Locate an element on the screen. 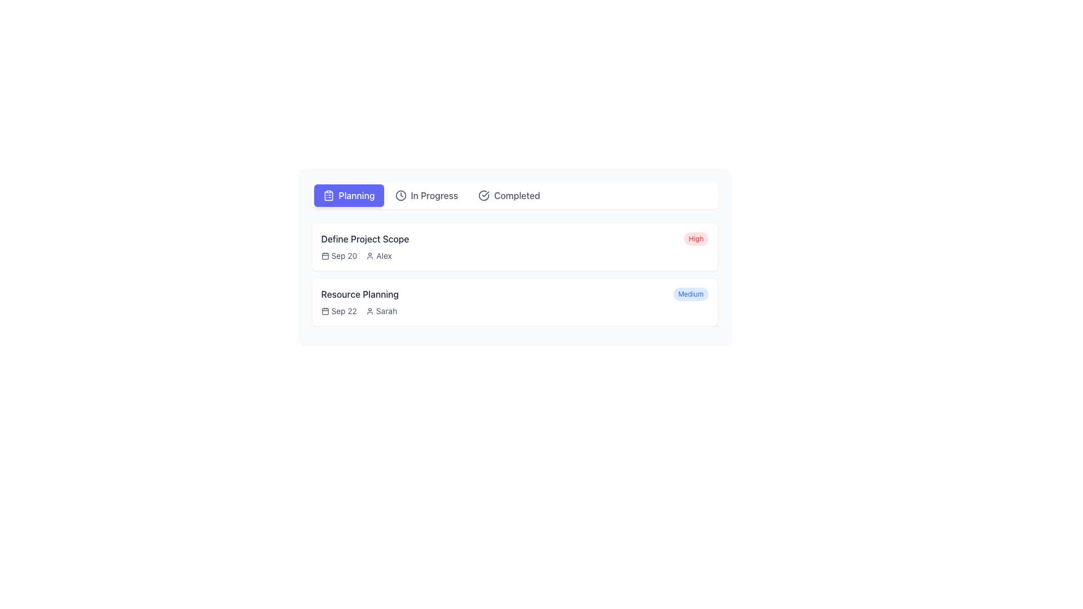  the SVG Circle representing the clock icon, located at the center of the 'In Progress' button in the navigation tab is located at coordinates (400, 195).